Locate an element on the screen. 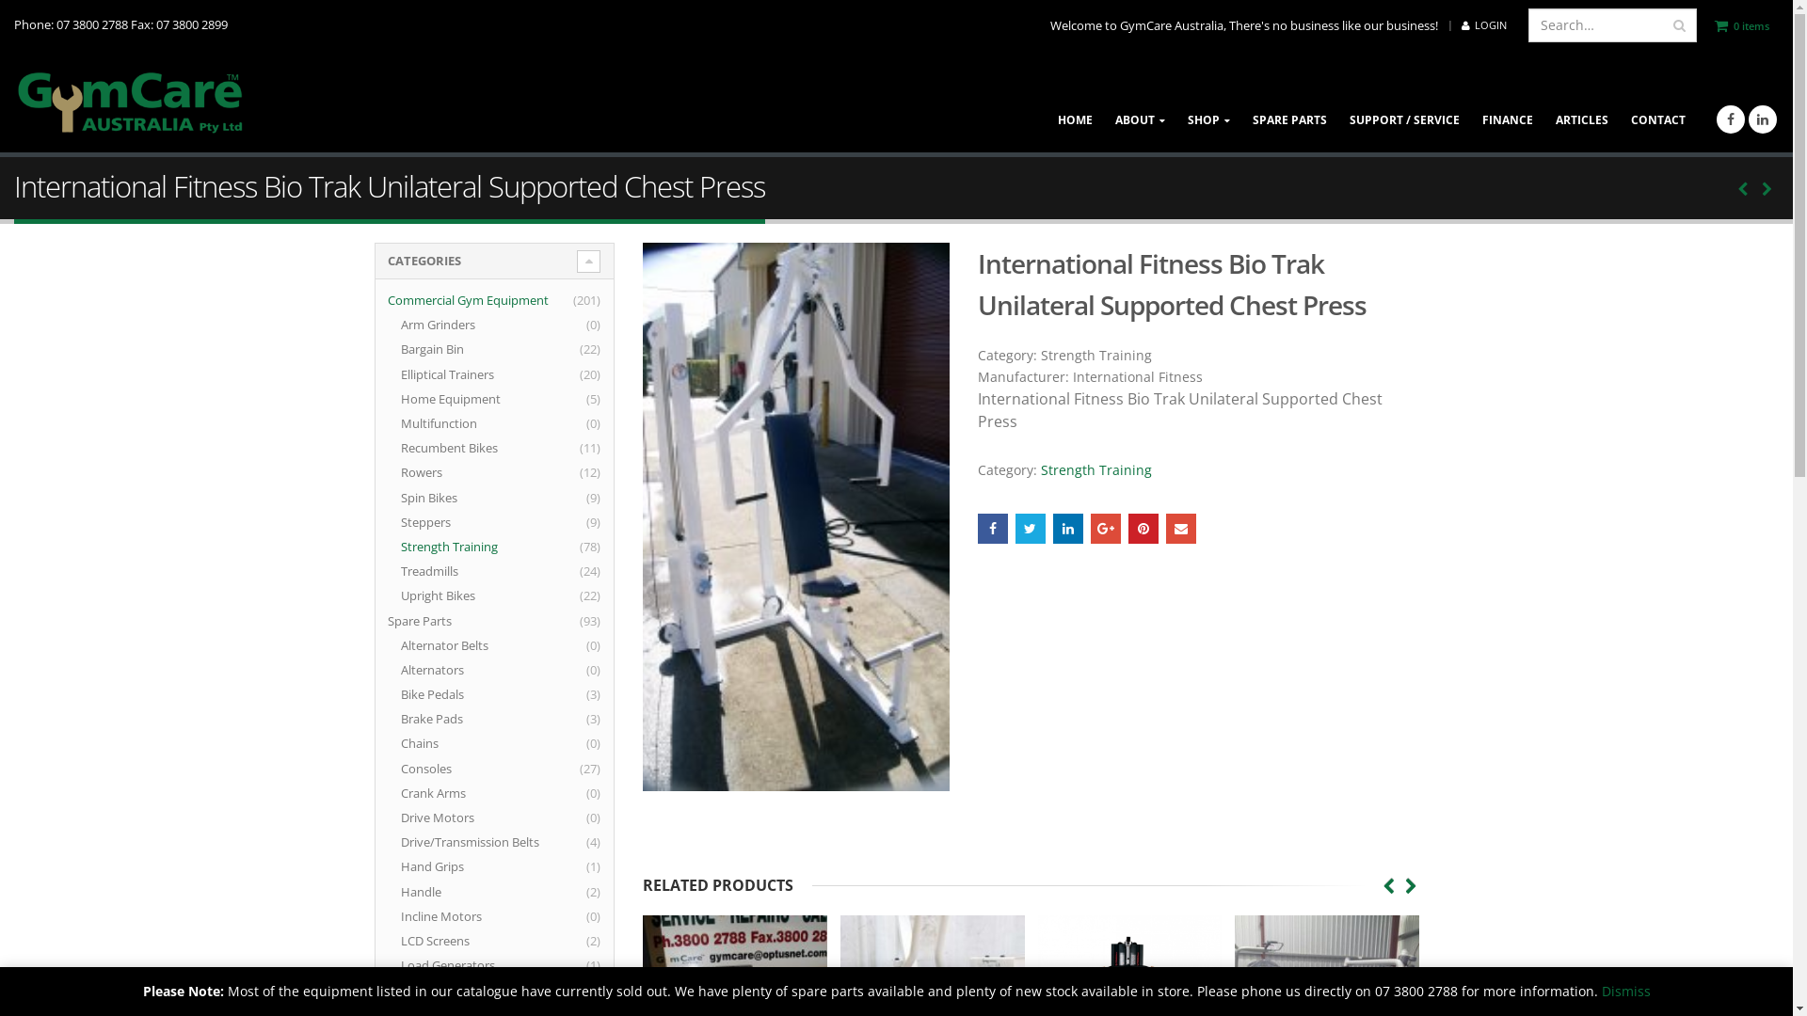 This screenshot has height=1016, width=1807. 'Multifunction' is located at coordinates (450, 423).